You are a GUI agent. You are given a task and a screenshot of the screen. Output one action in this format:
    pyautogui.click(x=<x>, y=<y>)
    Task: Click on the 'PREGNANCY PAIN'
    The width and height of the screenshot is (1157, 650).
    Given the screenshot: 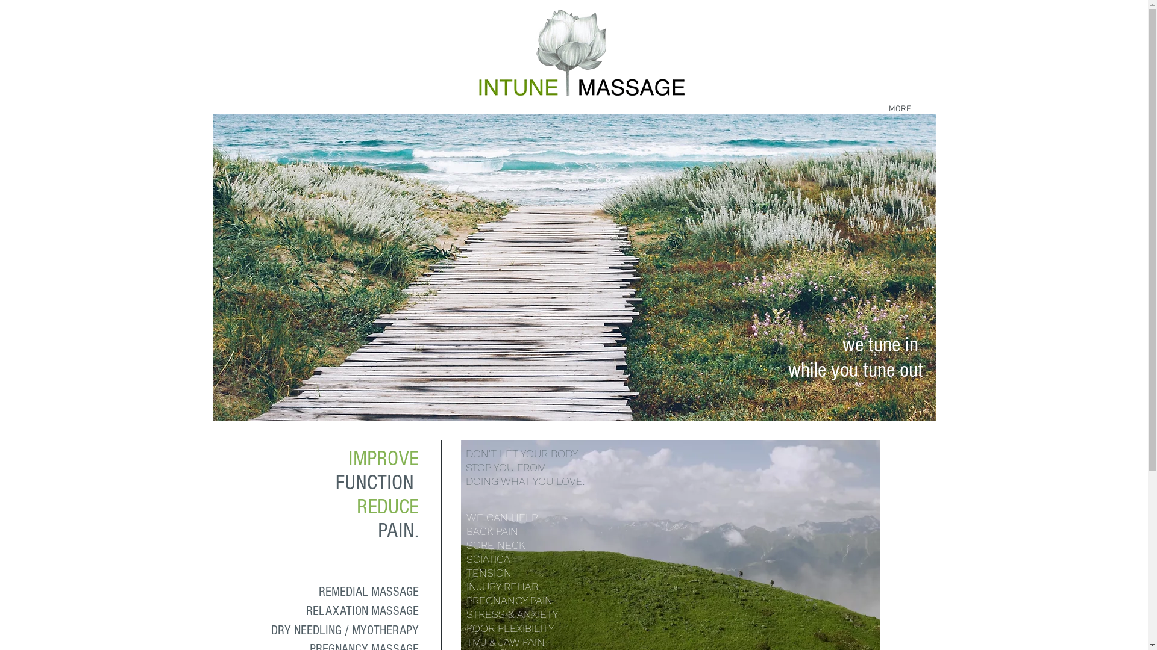 What is the action you would take?
    pyautogui.click(x=509, y=600)
    